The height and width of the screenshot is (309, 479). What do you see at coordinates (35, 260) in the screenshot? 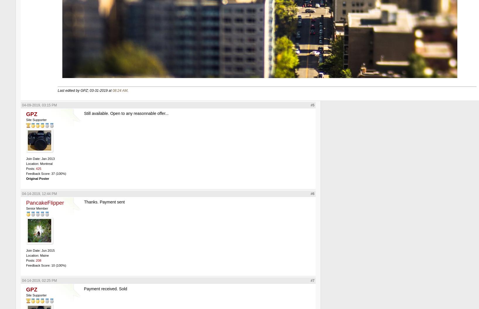
I see `'208'` at bounding box center [35, 260].